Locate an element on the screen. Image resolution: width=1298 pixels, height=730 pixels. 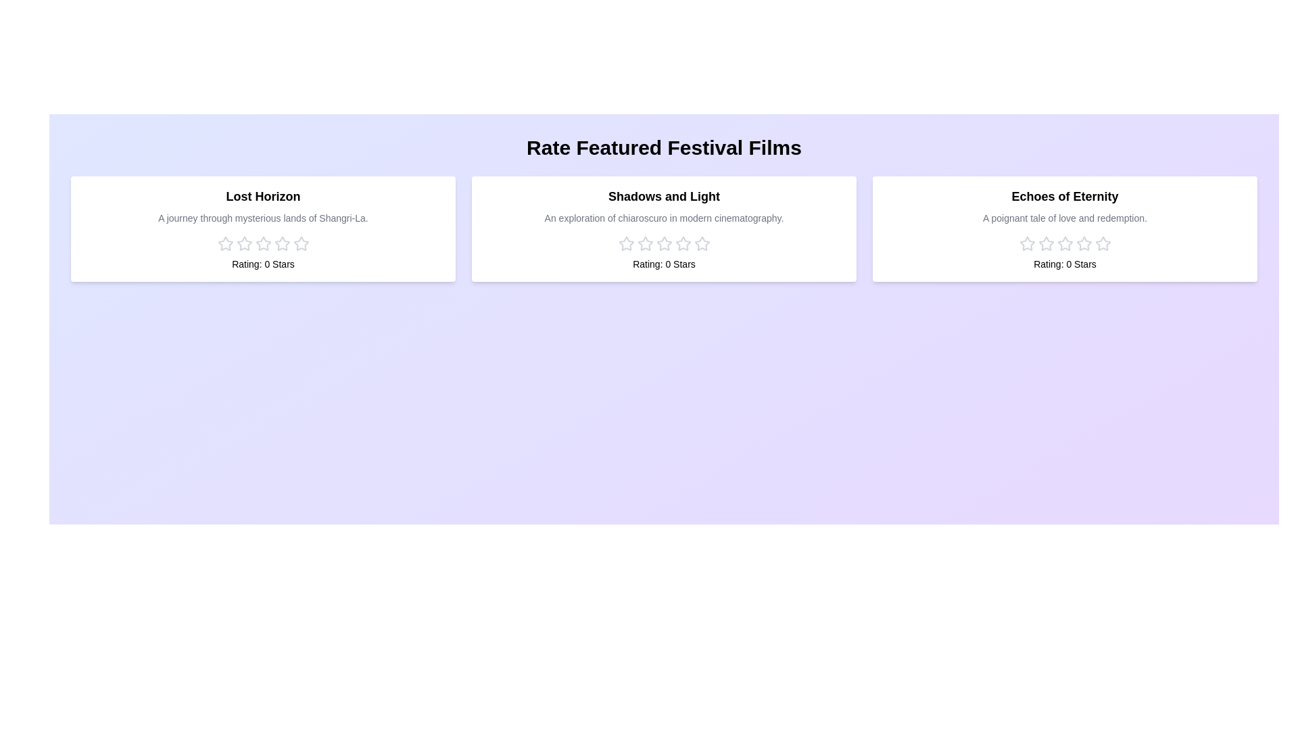
the title of the film Lost Horizon is located at coordinates (263, 196).